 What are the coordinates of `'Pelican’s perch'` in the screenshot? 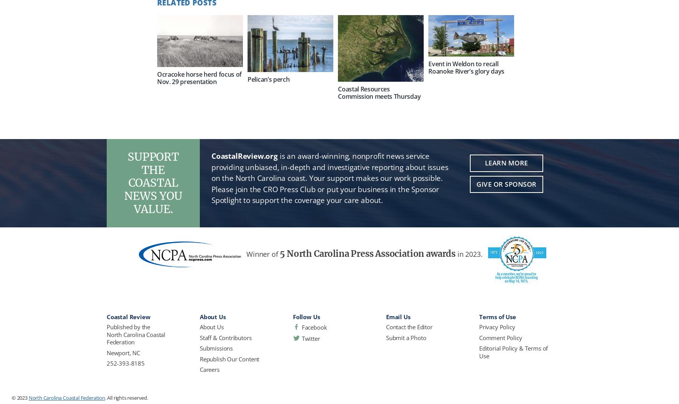 It's located at (268, 79).